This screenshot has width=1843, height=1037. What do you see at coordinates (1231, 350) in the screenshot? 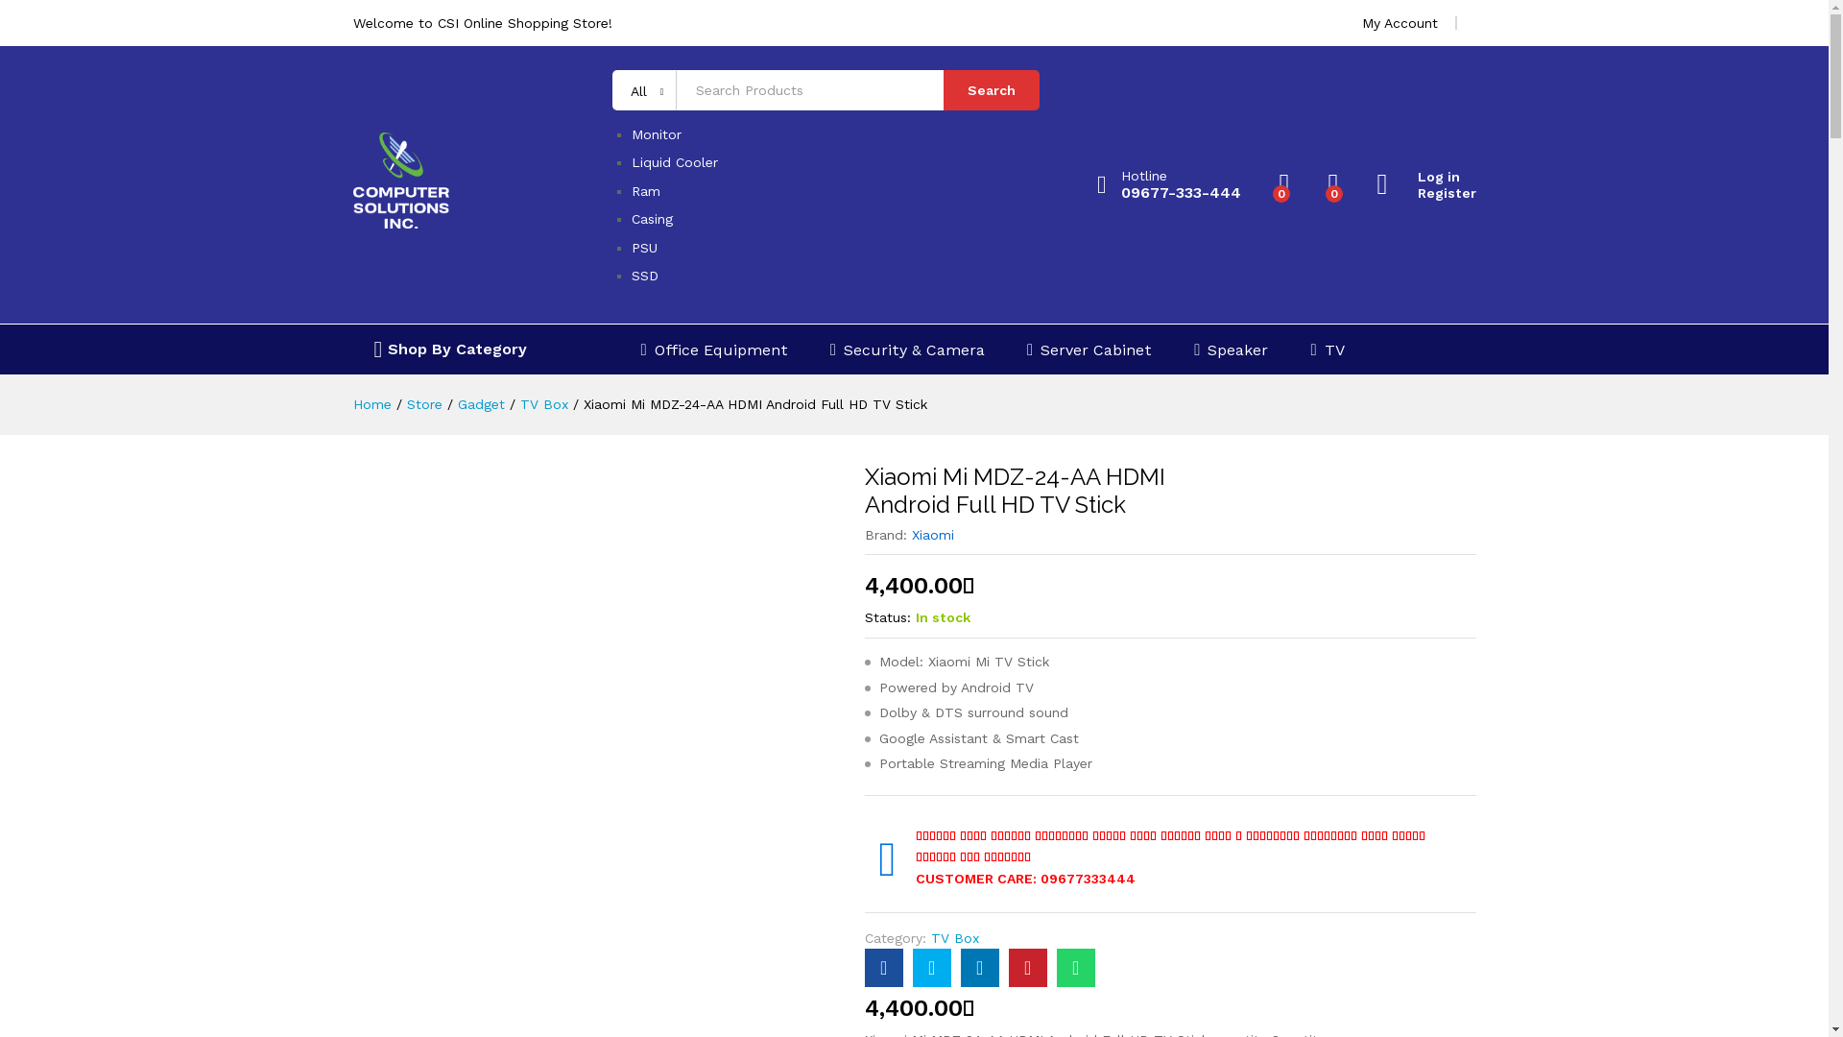
I see `'Speaker'` at bounding box center [1231, 350].